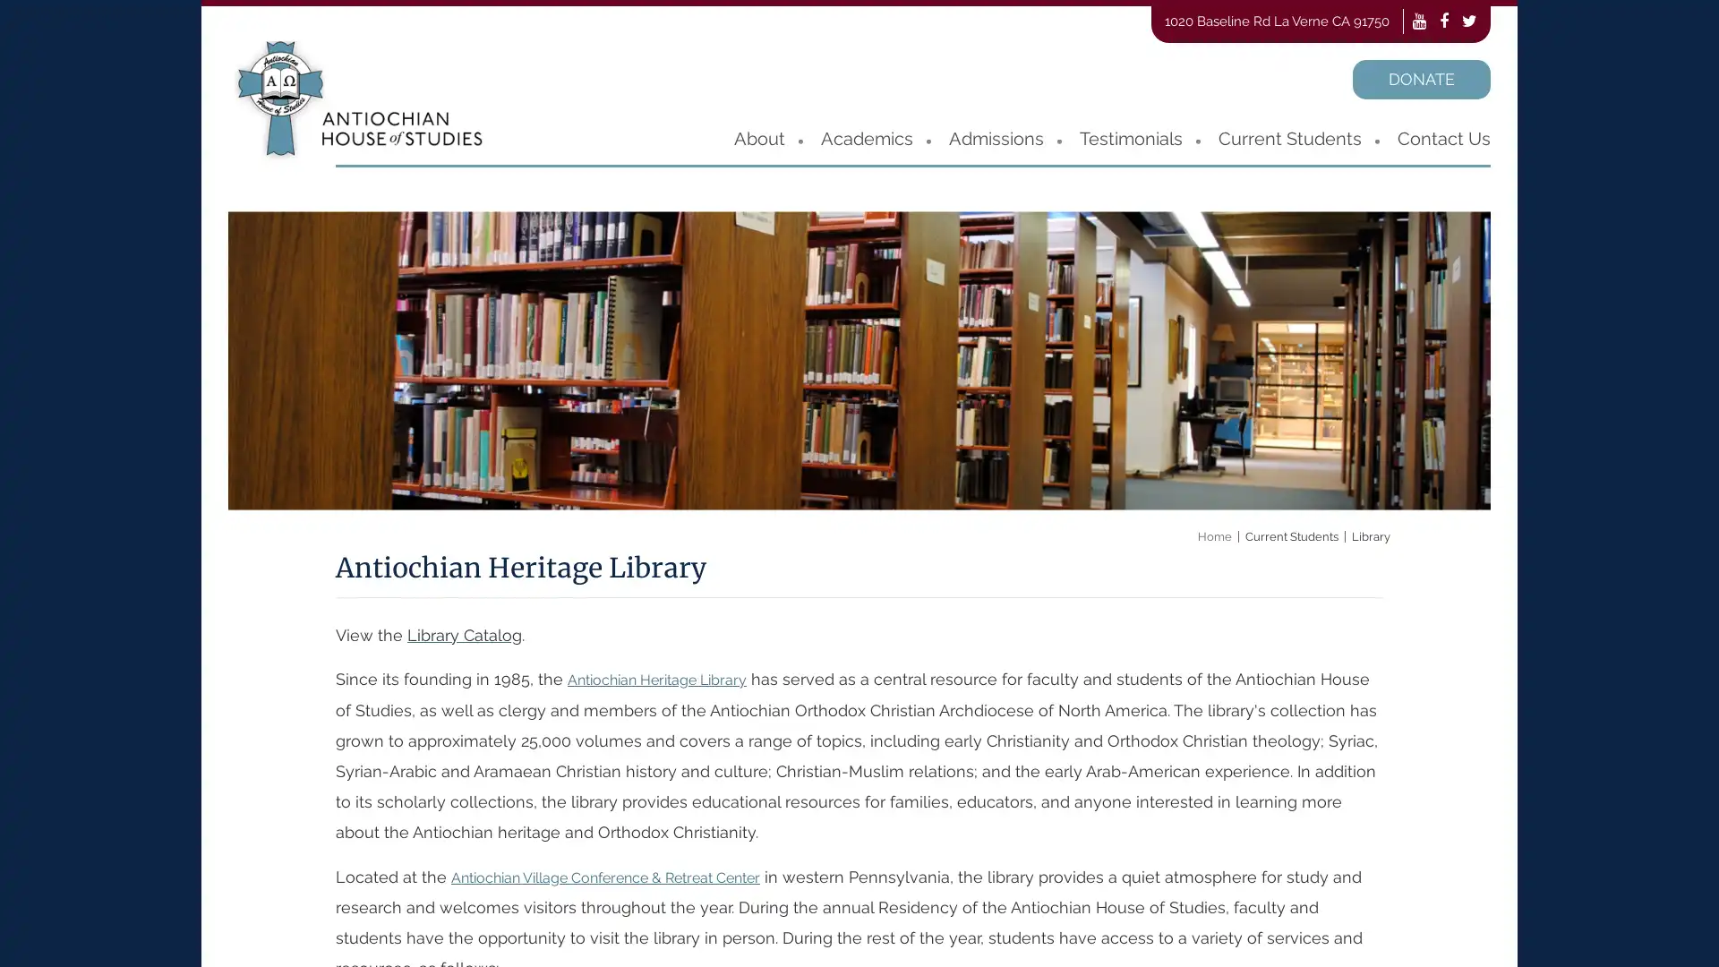  Describe the element at coordinates (1421, 78) in the screenshot. I see `DONATE` at that location.